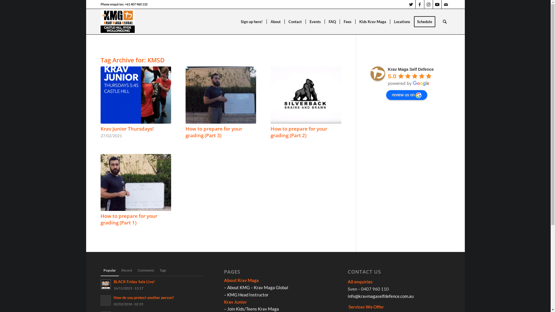 The width and height of the screenshot is (555, 312). I want to click on 'Contact', so click(295, 21).